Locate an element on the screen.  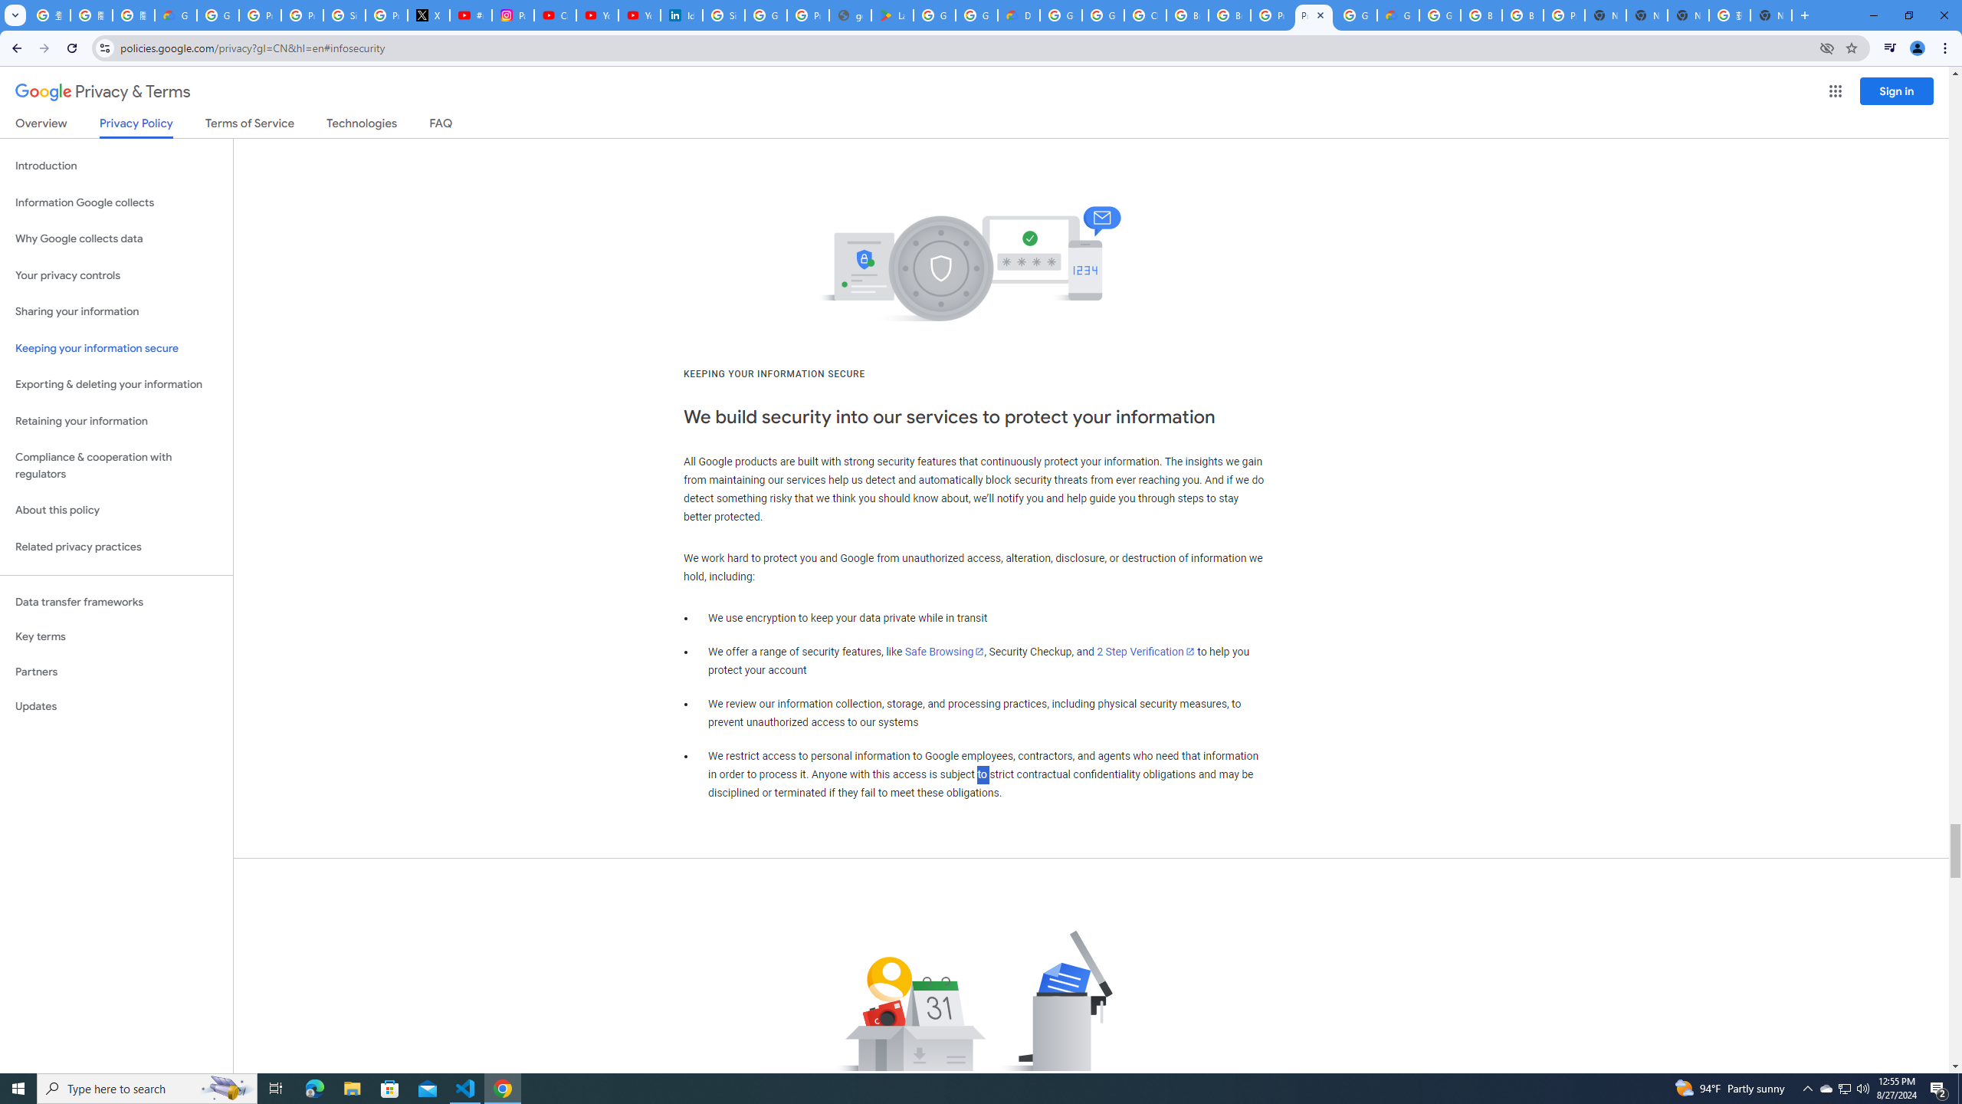
'Reload' is located at coordinates (71, 48).